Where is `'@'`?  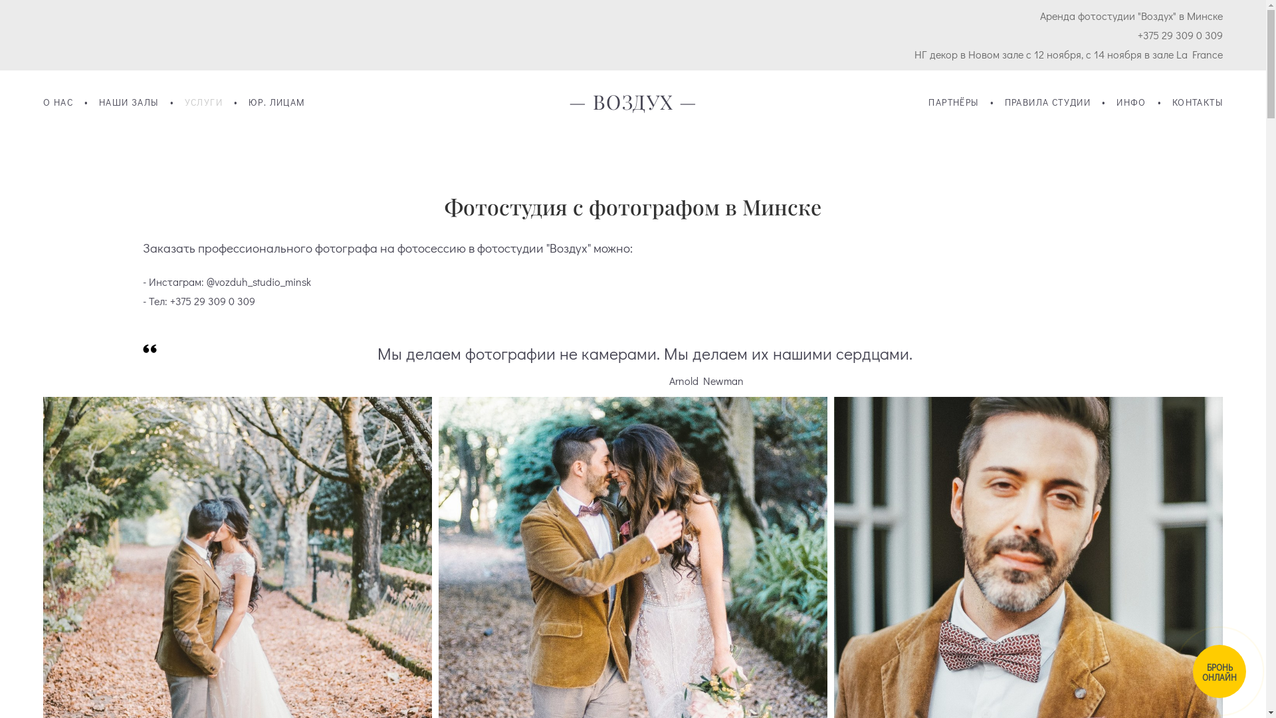 '@' is located at coordinates (209, 281).